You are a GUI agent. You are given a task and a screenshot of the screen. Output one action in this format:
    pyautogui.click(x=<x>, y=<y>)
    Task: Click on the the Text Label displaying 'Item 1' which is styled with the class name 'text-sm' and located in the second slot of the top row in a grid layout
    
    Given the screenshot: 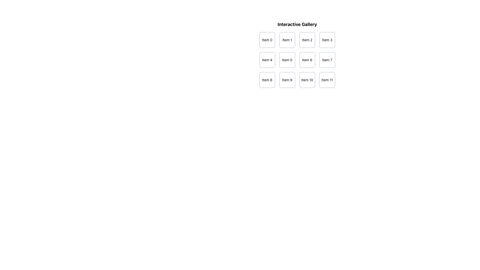 What is the action you would take?
    pyautogui.click(x=287, y=39)
    